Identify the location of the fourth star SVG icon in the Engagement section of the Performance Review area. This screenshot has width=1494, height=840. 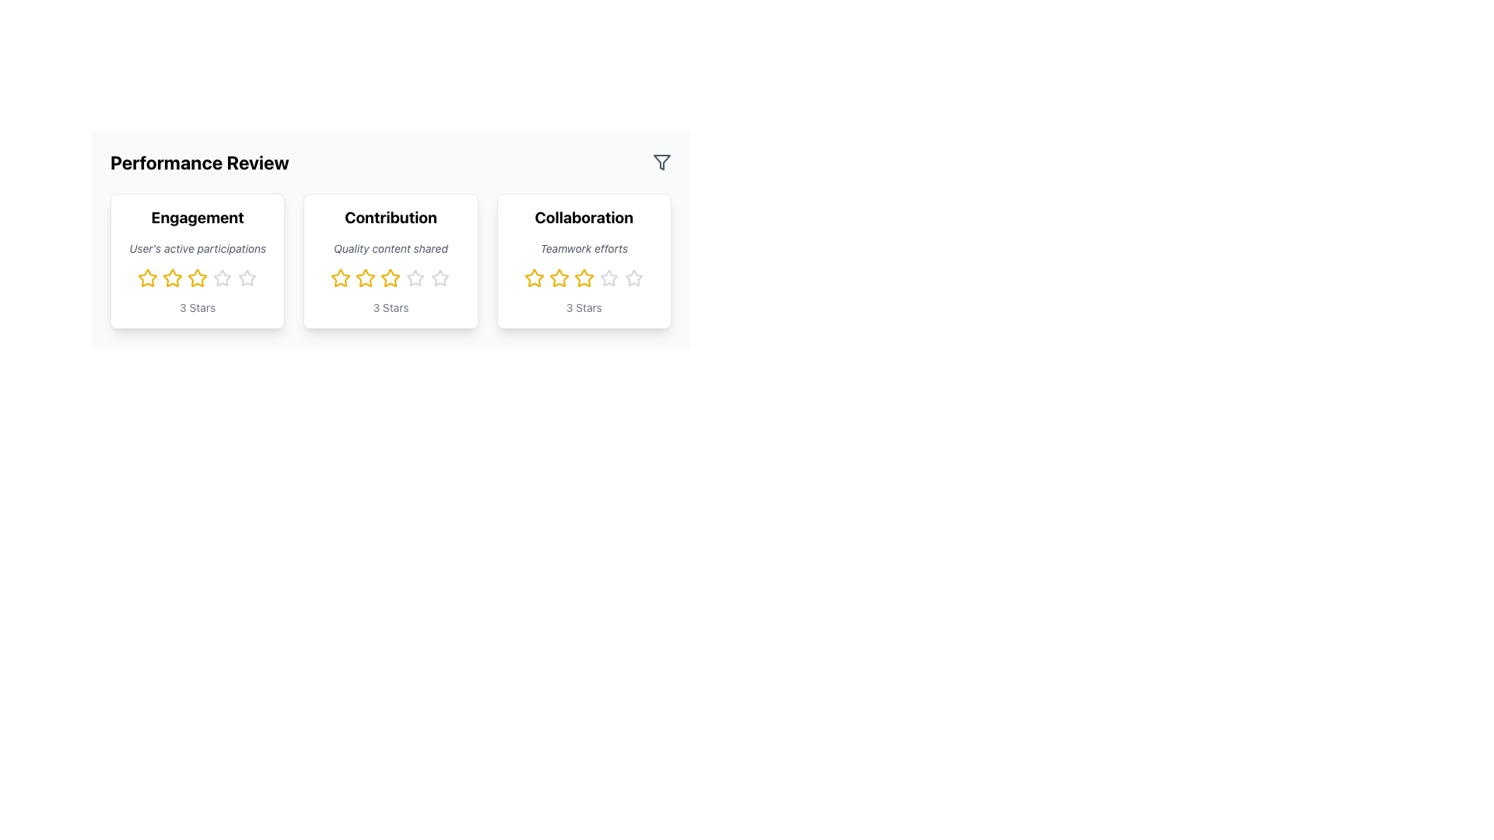
(247, 277).